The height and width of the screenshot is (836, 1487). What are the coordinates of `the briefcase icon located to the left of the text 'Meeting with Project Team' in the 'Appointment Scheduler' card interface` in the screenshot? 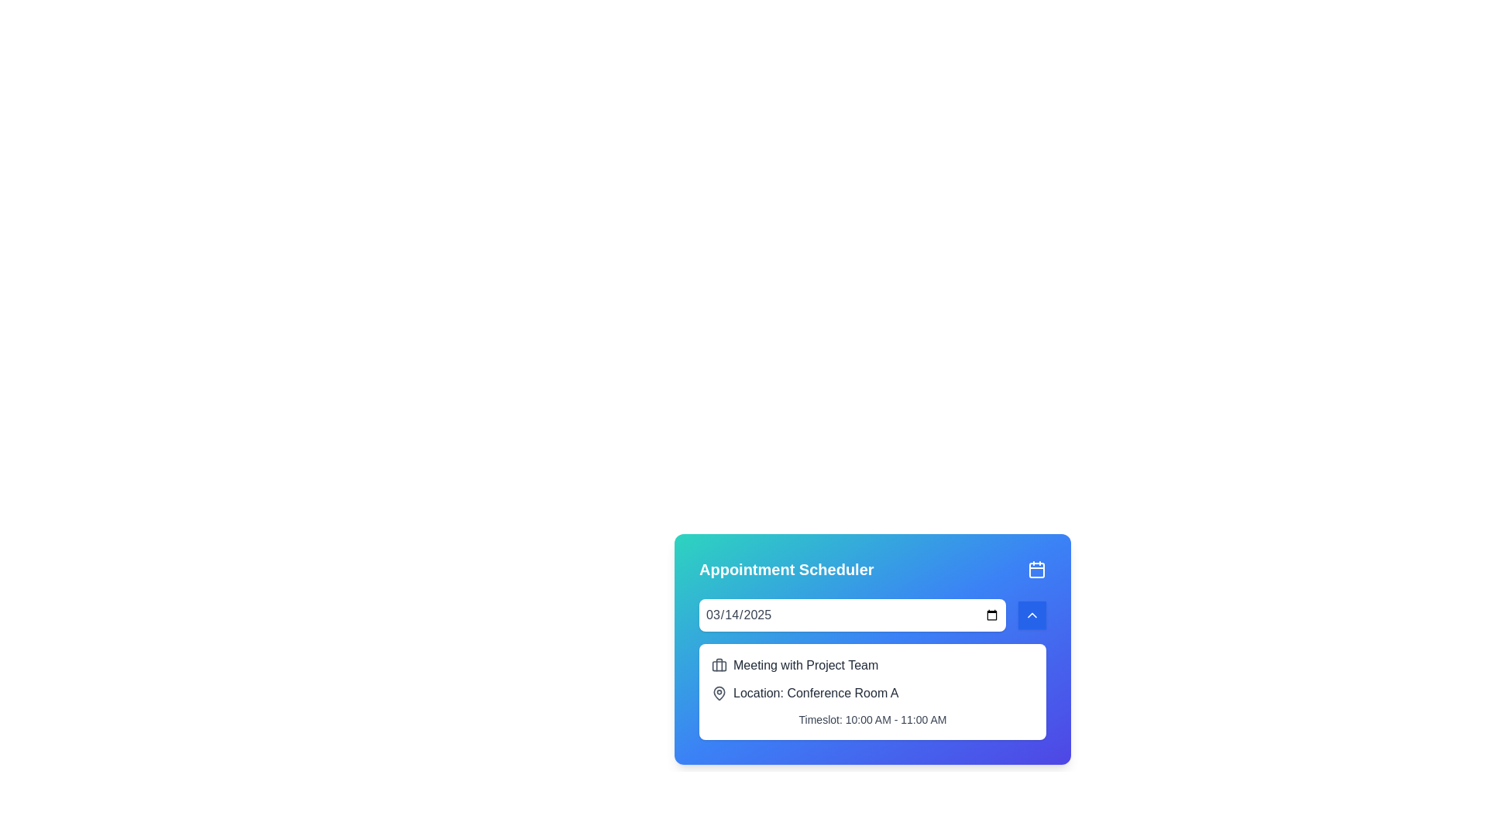 It's located at (719, 665).